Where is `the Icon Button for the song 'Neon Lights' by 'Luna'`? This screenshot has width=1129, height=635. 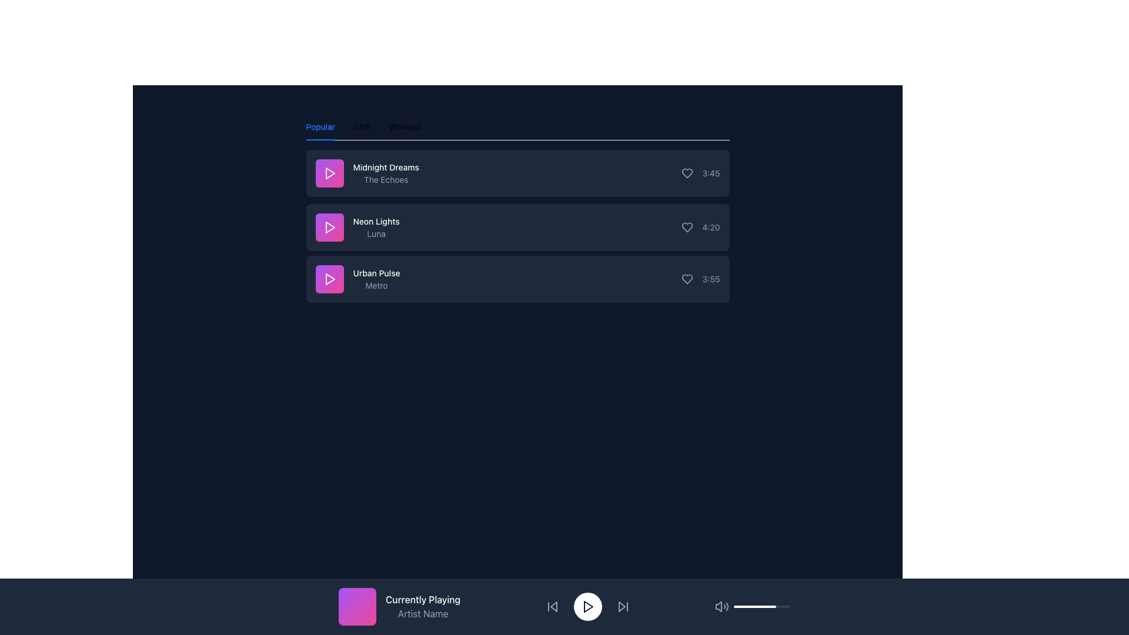
the Icon Button for the song 'Neon Lights' by 'Luna' is located at coordinates (687, 227).